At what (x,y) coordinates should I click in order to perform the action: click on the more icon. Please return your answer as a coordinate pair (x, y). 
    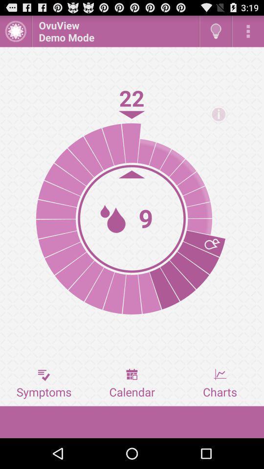
    Looking at the image, I should click on (248, 33).